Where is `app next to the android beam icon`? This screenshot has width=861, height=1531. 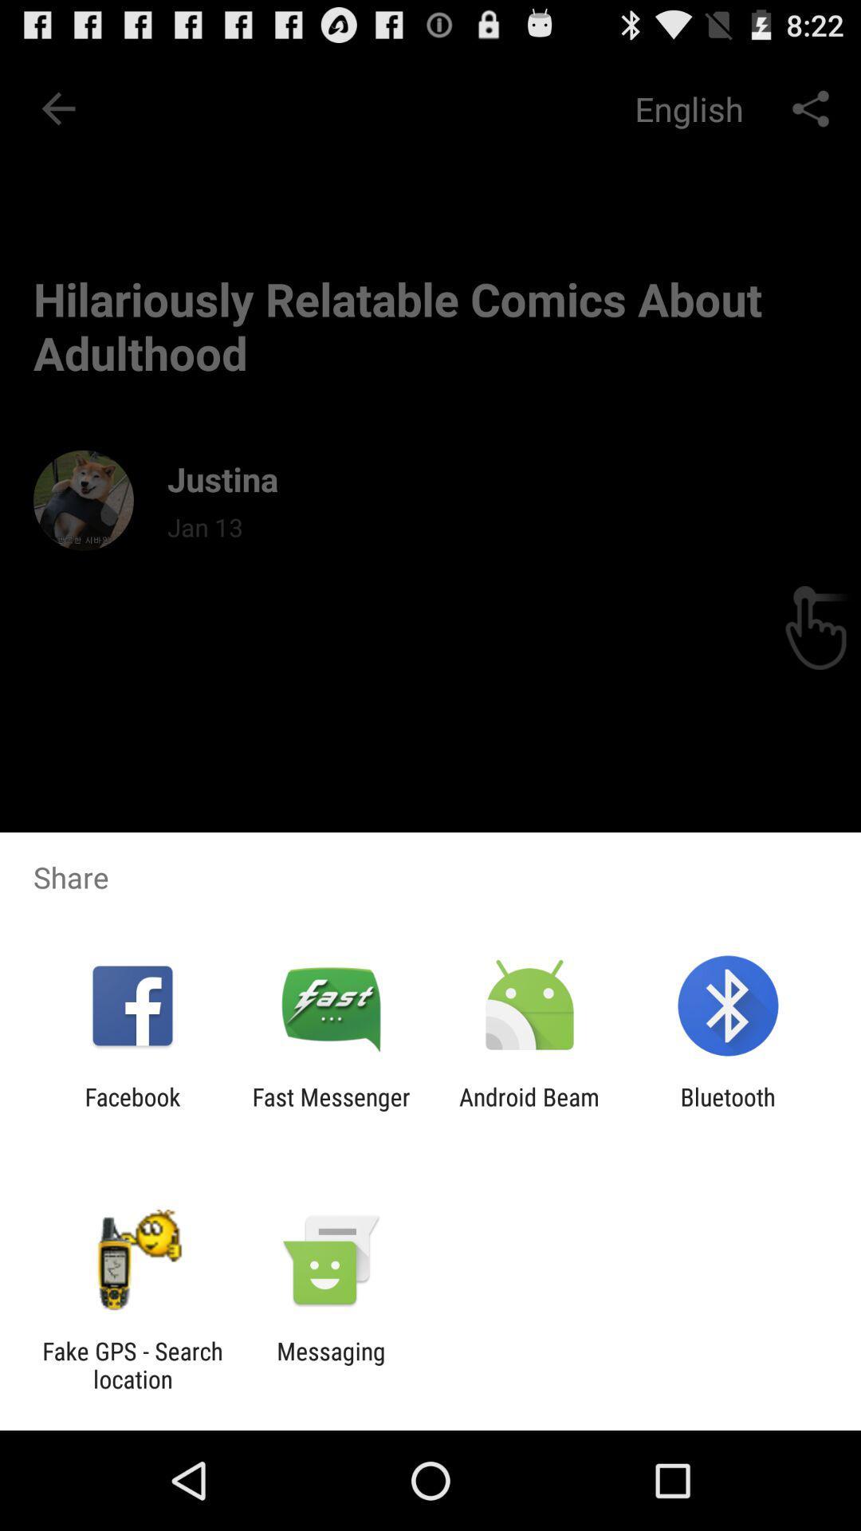
app next to the android beam icon is located at coordinates (728, 1110).